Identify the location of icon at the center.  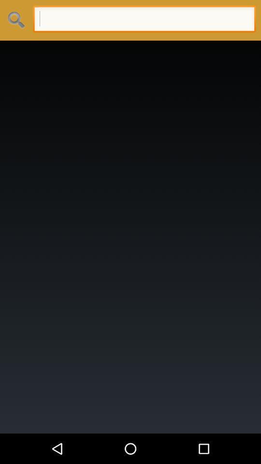
(130, 236).